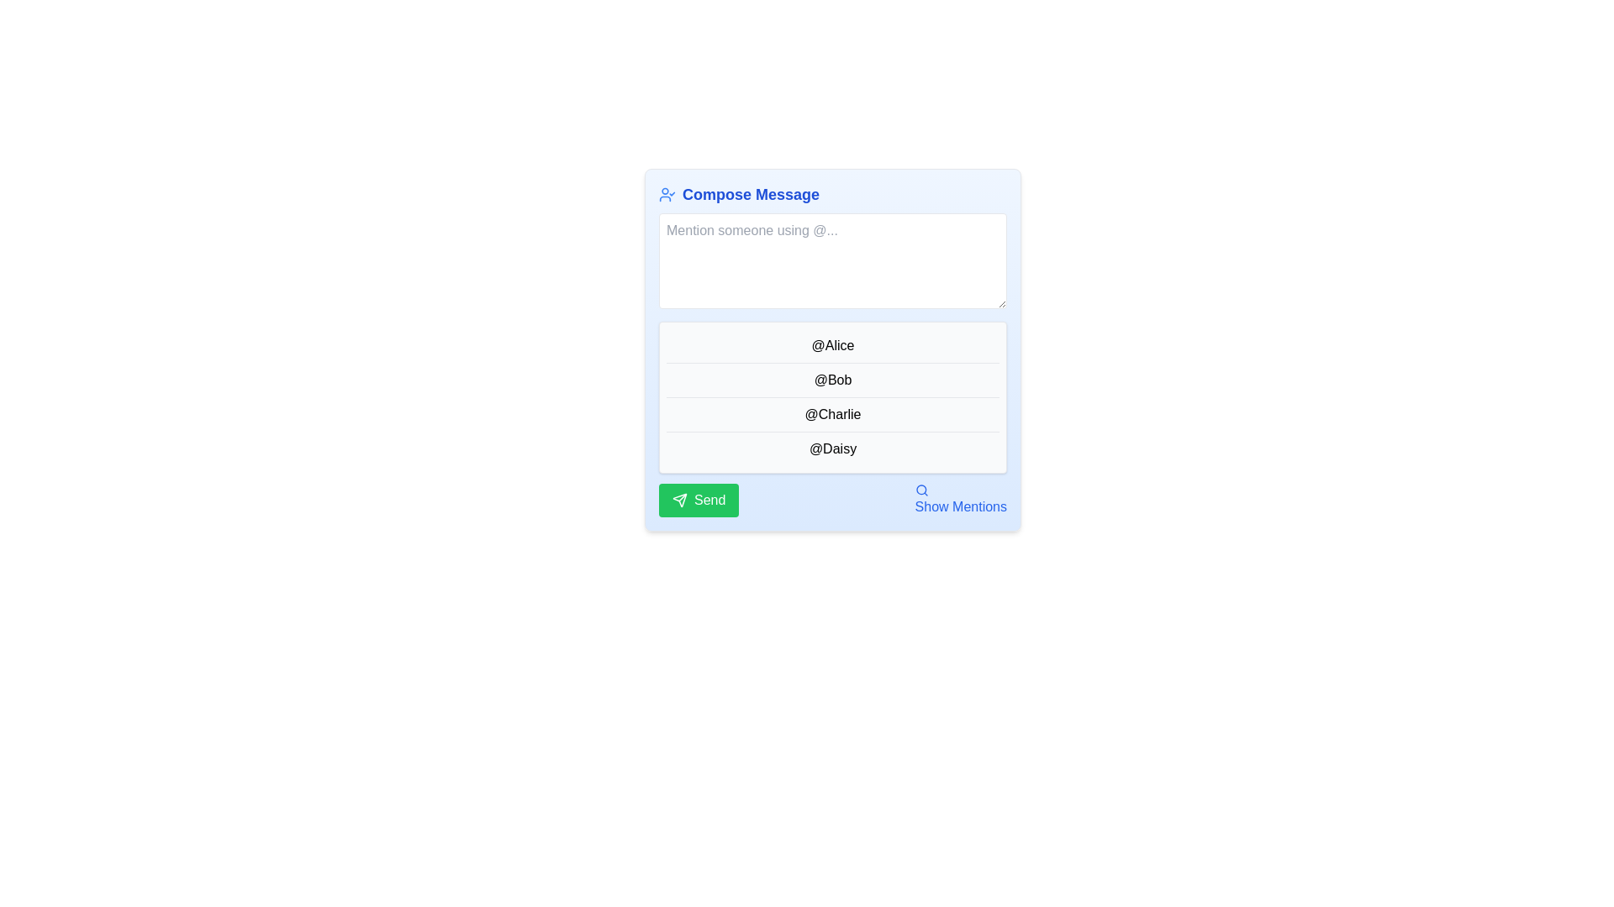 The height and width of the screenshot is (907, 1614). Describe the element at coordinates (680, 500) in the screenshot. I see `the green 'Send' button that contains the paper plane icon to the left of the 'Send' text` at that location.